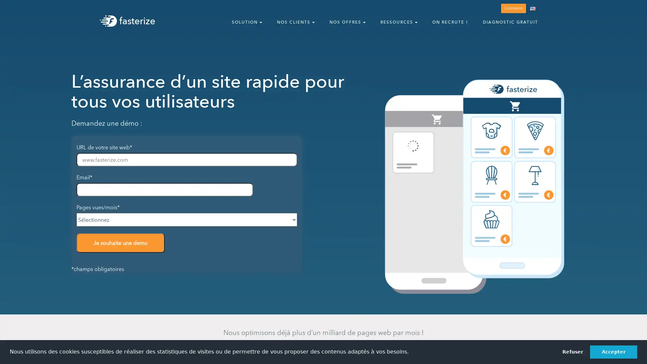 The height and width of the screenshot is (364, 647). What do you see at coordinates (572, 352) in the screenshot?
I see `dismiss cookie message` at bounding box center [572, 352].